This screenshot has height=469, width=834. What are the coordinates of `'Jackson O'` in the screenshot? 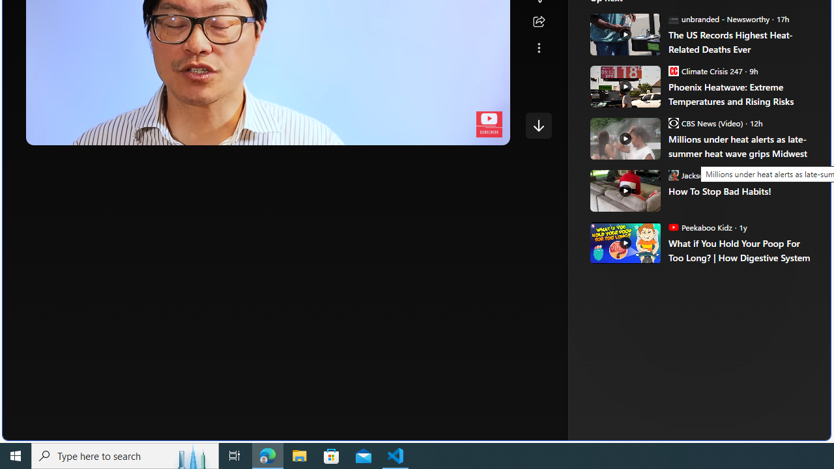 It's located at (706, 174).